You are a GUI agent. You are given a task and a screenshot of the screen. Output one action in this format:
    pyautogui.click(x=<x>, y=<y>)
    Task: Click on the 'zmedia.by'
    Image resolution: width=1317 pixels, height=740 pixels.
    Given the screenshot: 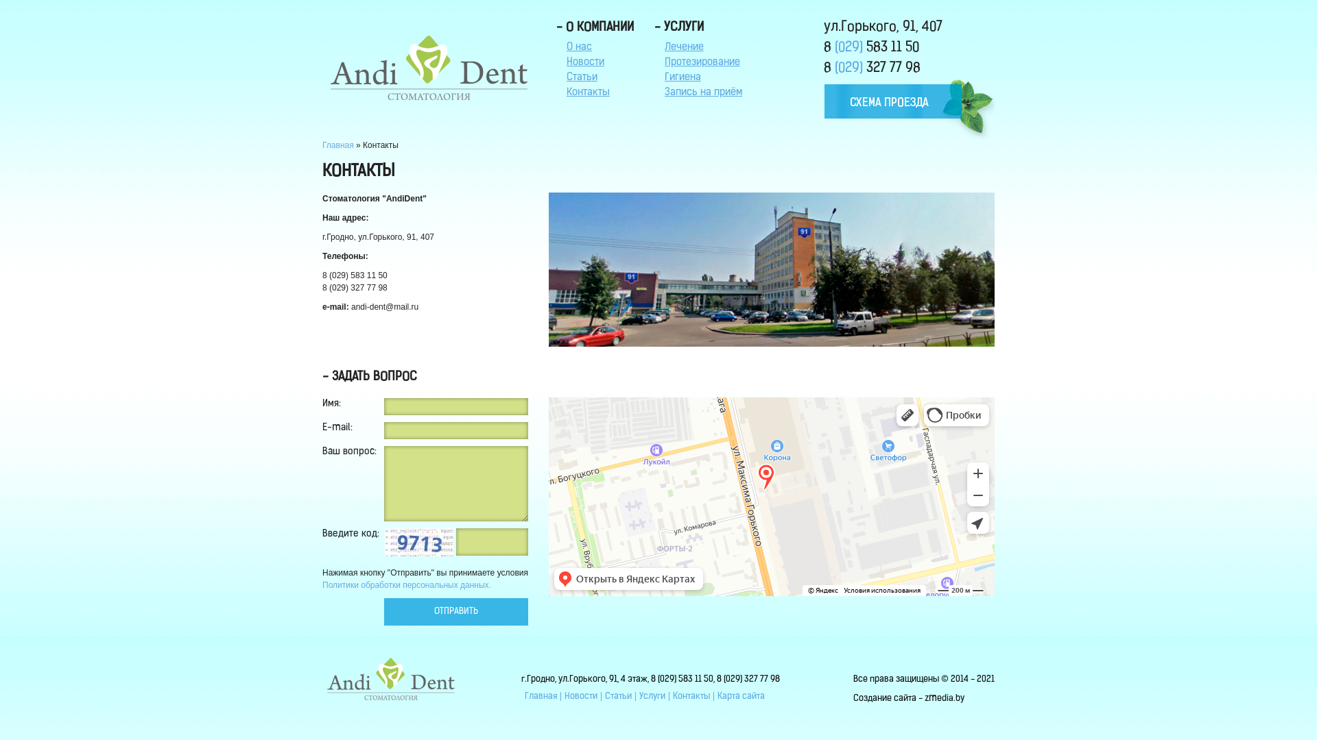 What is the action you would take?
    pyautogui.click(x=944, y=698)
    